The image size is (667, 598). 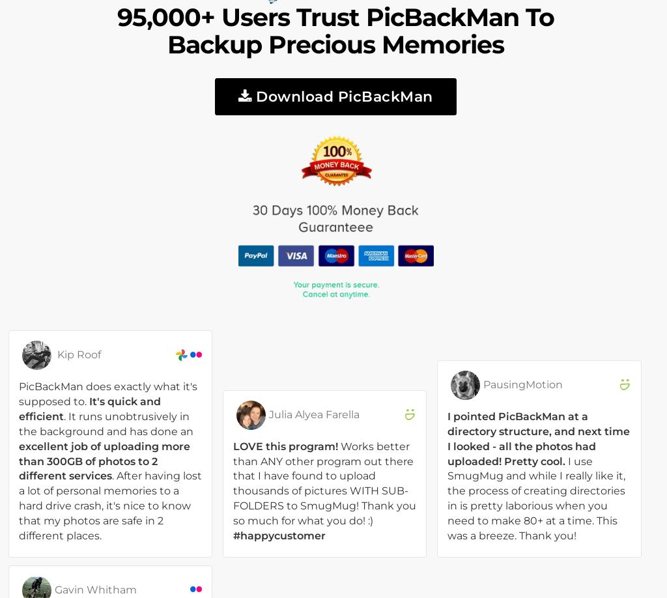 I want to click on 'LOVE this program!', so click(x=285, y=446).